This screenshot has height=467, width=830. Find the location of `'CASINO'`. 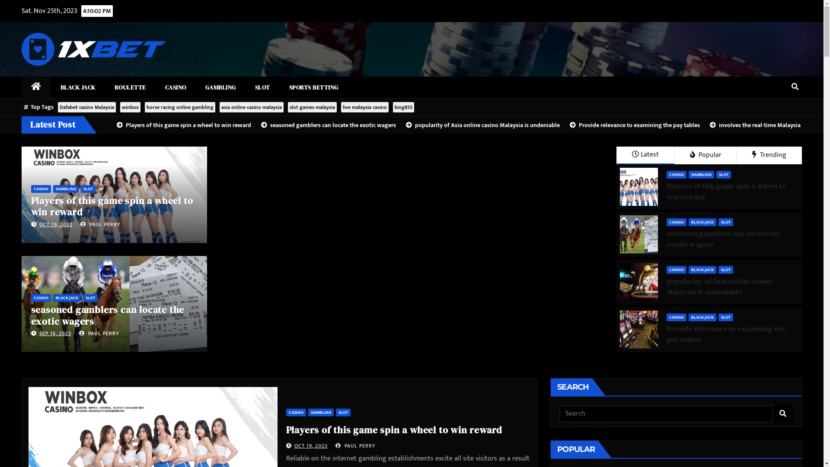

'CASINO' is located at coordinates (676, 175).